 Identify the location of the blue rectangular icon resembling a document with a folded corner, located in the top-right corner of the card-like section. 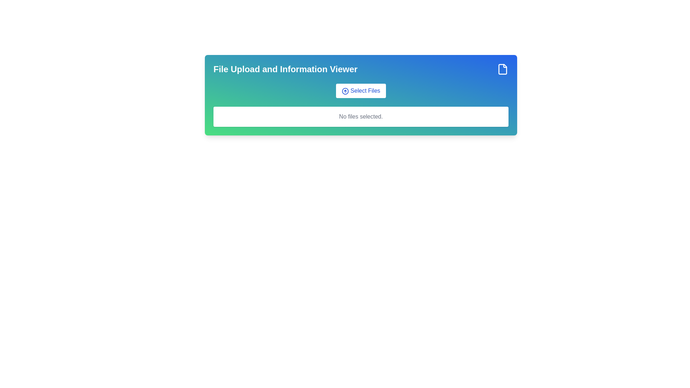
(502, 69).